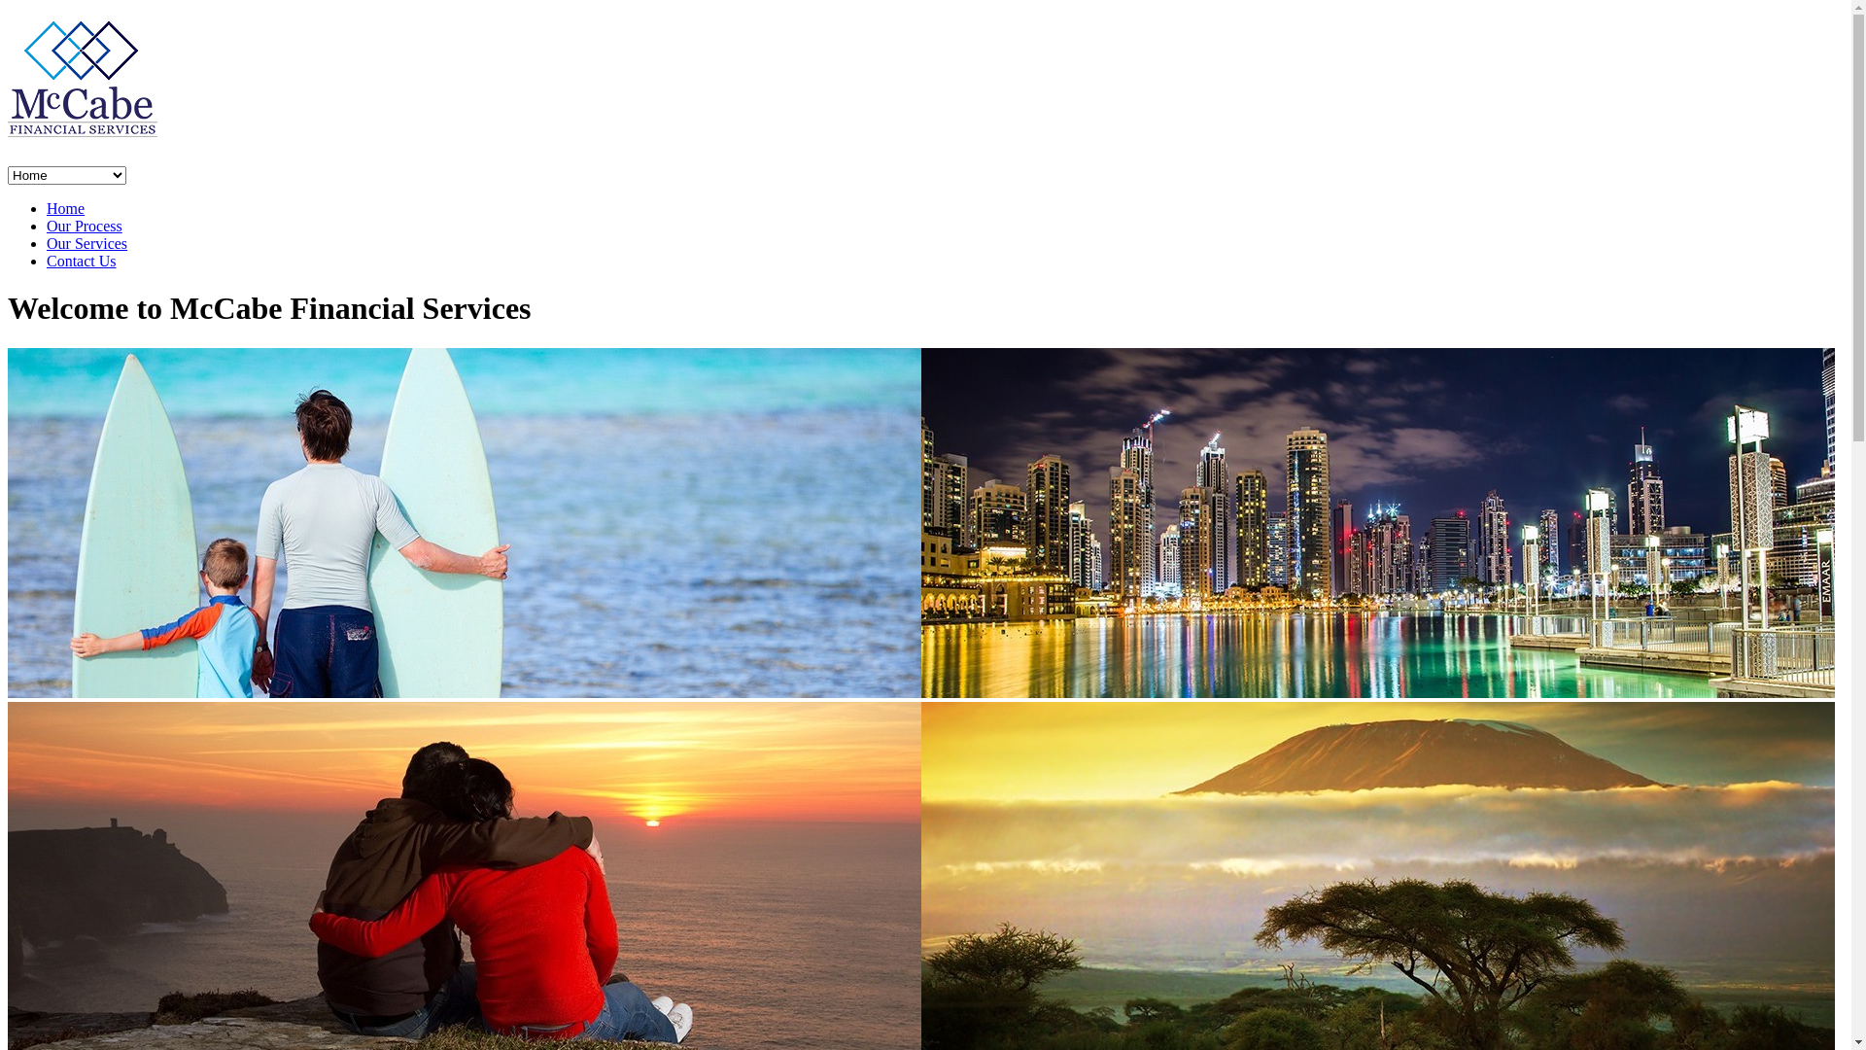  I want to click on 'Our Process', so click(83, 225).